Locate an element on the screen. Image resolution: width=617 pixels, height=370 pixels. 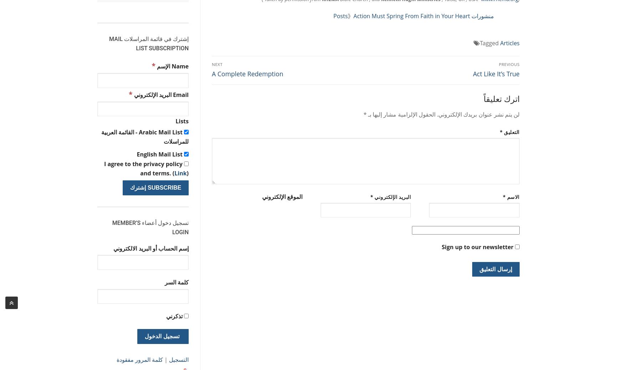
'Arabic Mail List - القائمة العربية للمراسلات' is located at coordinates (145, 137).